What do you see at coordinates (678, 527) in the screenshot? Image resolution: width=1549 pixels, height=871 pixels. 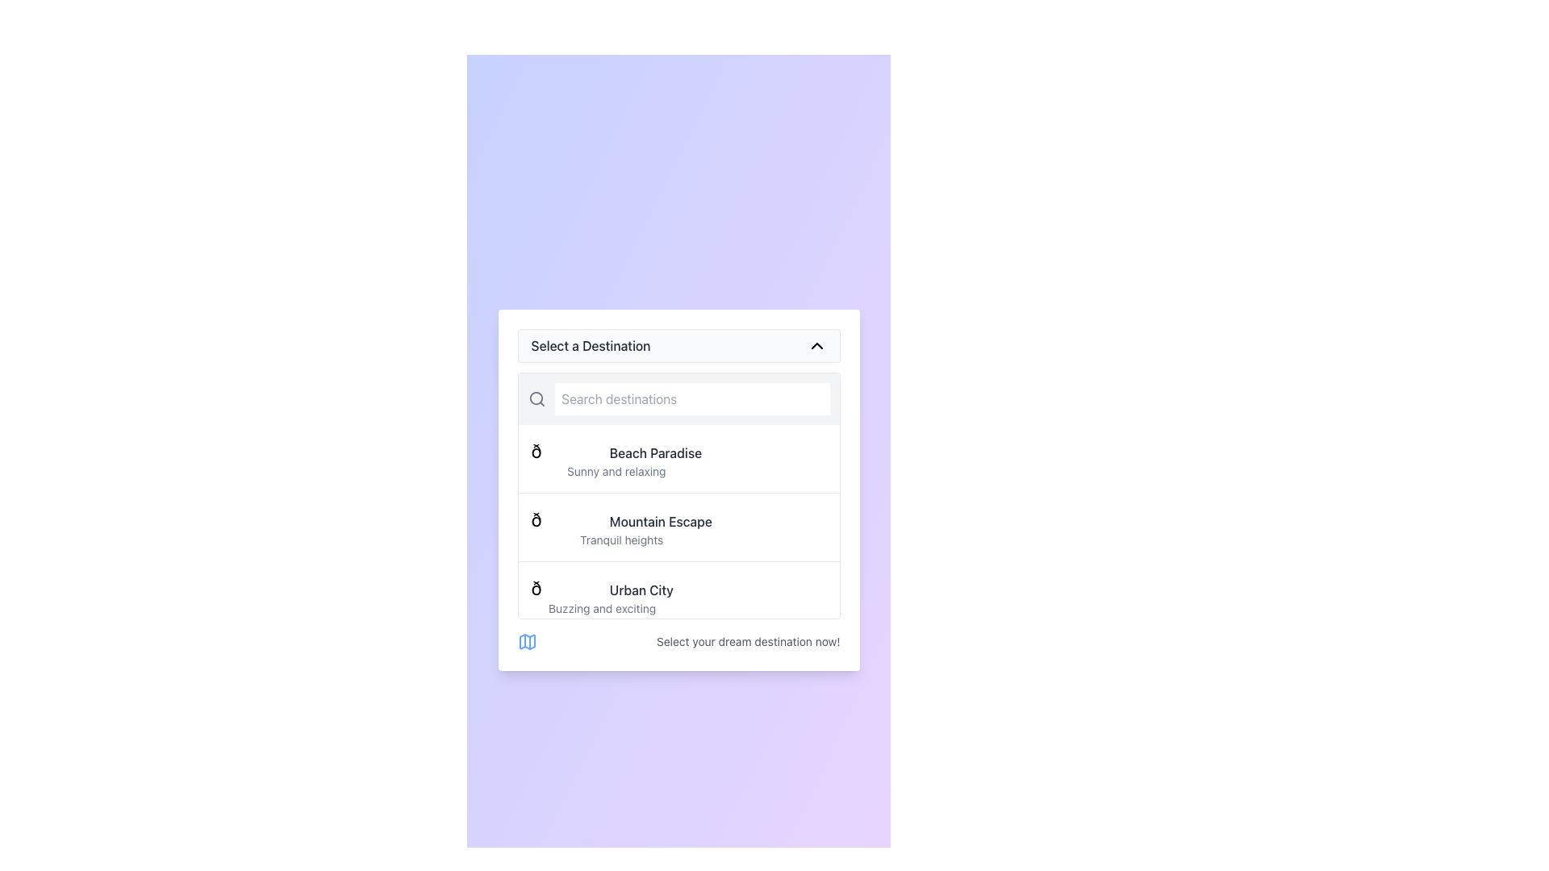 I see `the 'Mountain Escape' menu item, which features a mountain symbol and two lines of text indicating the destination` at bounding box center [678, 527].